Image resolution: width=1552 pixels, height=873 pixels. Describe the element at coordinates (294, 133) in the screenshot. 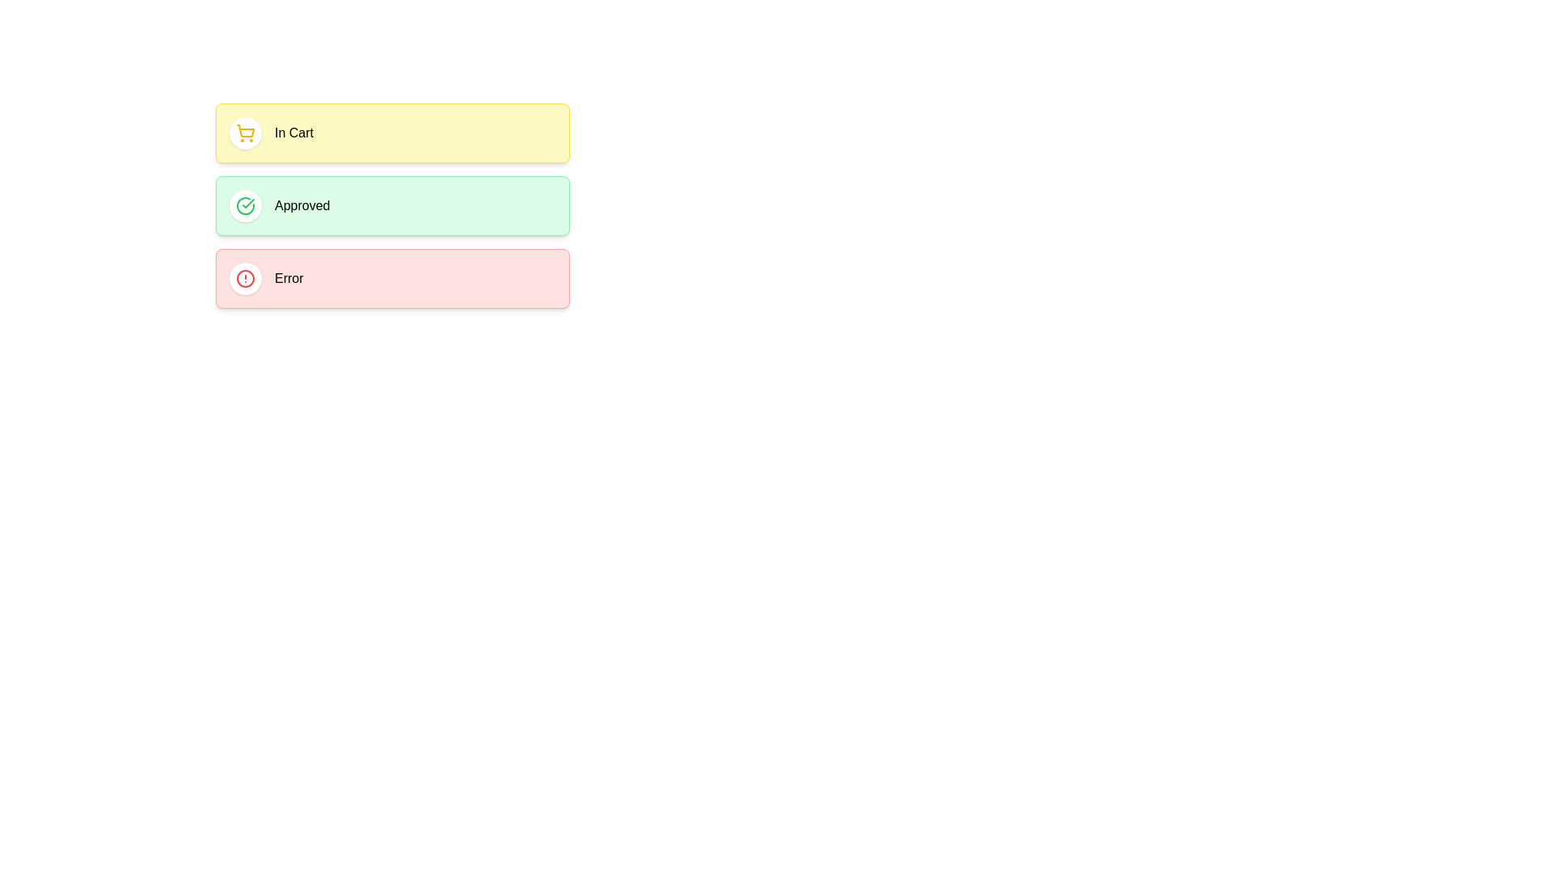

I see `the Text label that indicates an item is currently in the user's cart, positioned to the right of the cart icon` at that location.